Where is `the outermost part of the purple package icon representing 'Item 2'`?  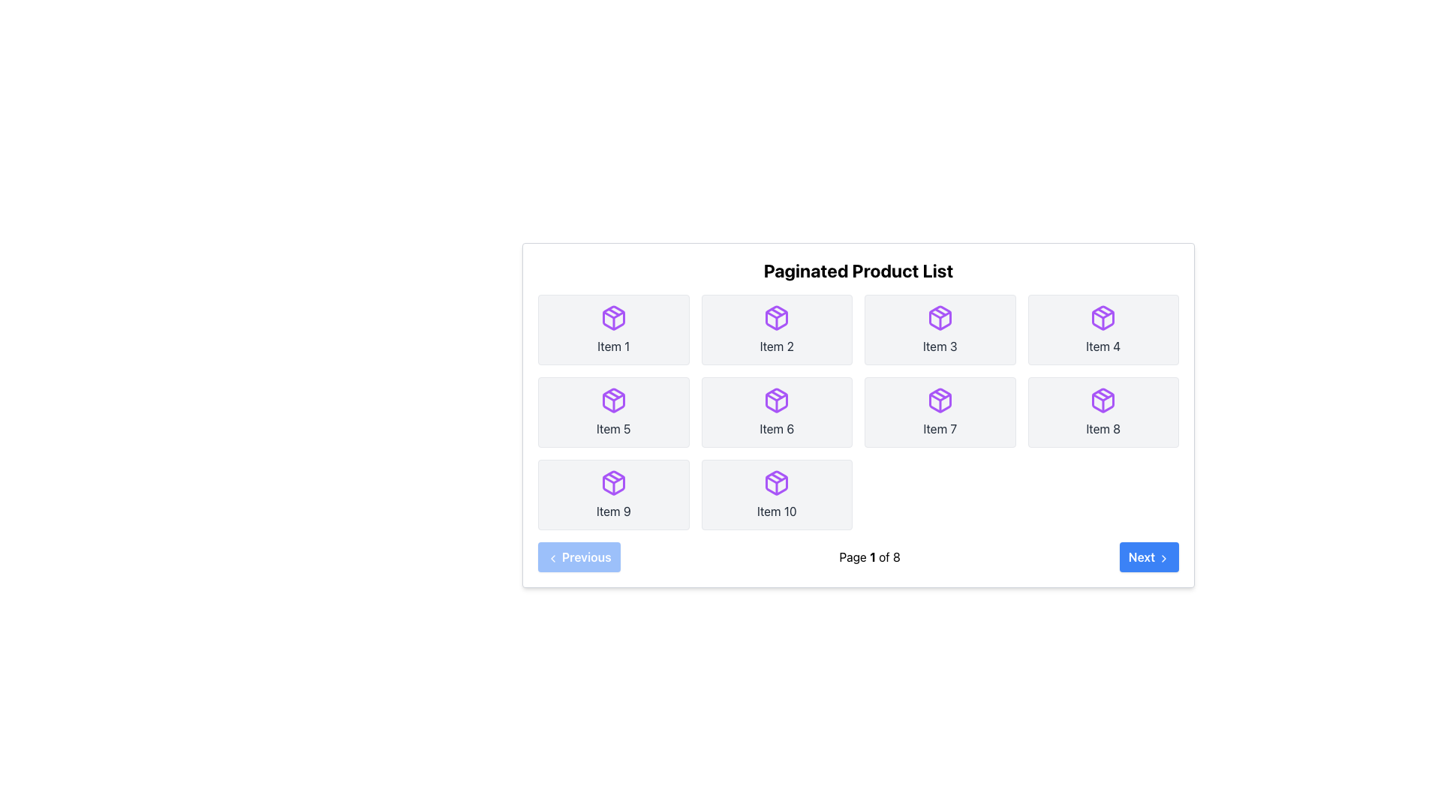
the outermost part of the purple package icon representing 'Item 2' is located at coordinates (777, 317).